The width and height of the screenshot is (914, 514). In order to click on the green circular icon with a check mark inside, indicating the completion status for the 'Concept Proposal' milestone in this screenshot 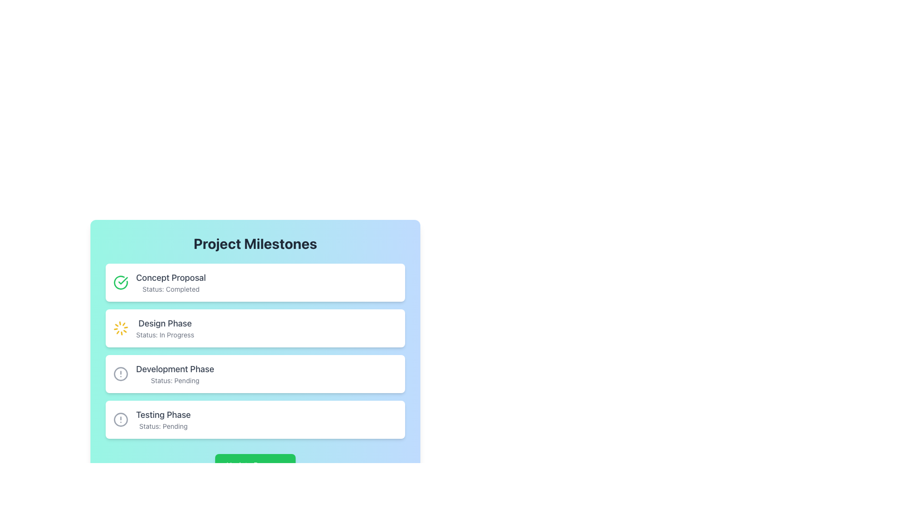, I will do `click(120, 282)`.